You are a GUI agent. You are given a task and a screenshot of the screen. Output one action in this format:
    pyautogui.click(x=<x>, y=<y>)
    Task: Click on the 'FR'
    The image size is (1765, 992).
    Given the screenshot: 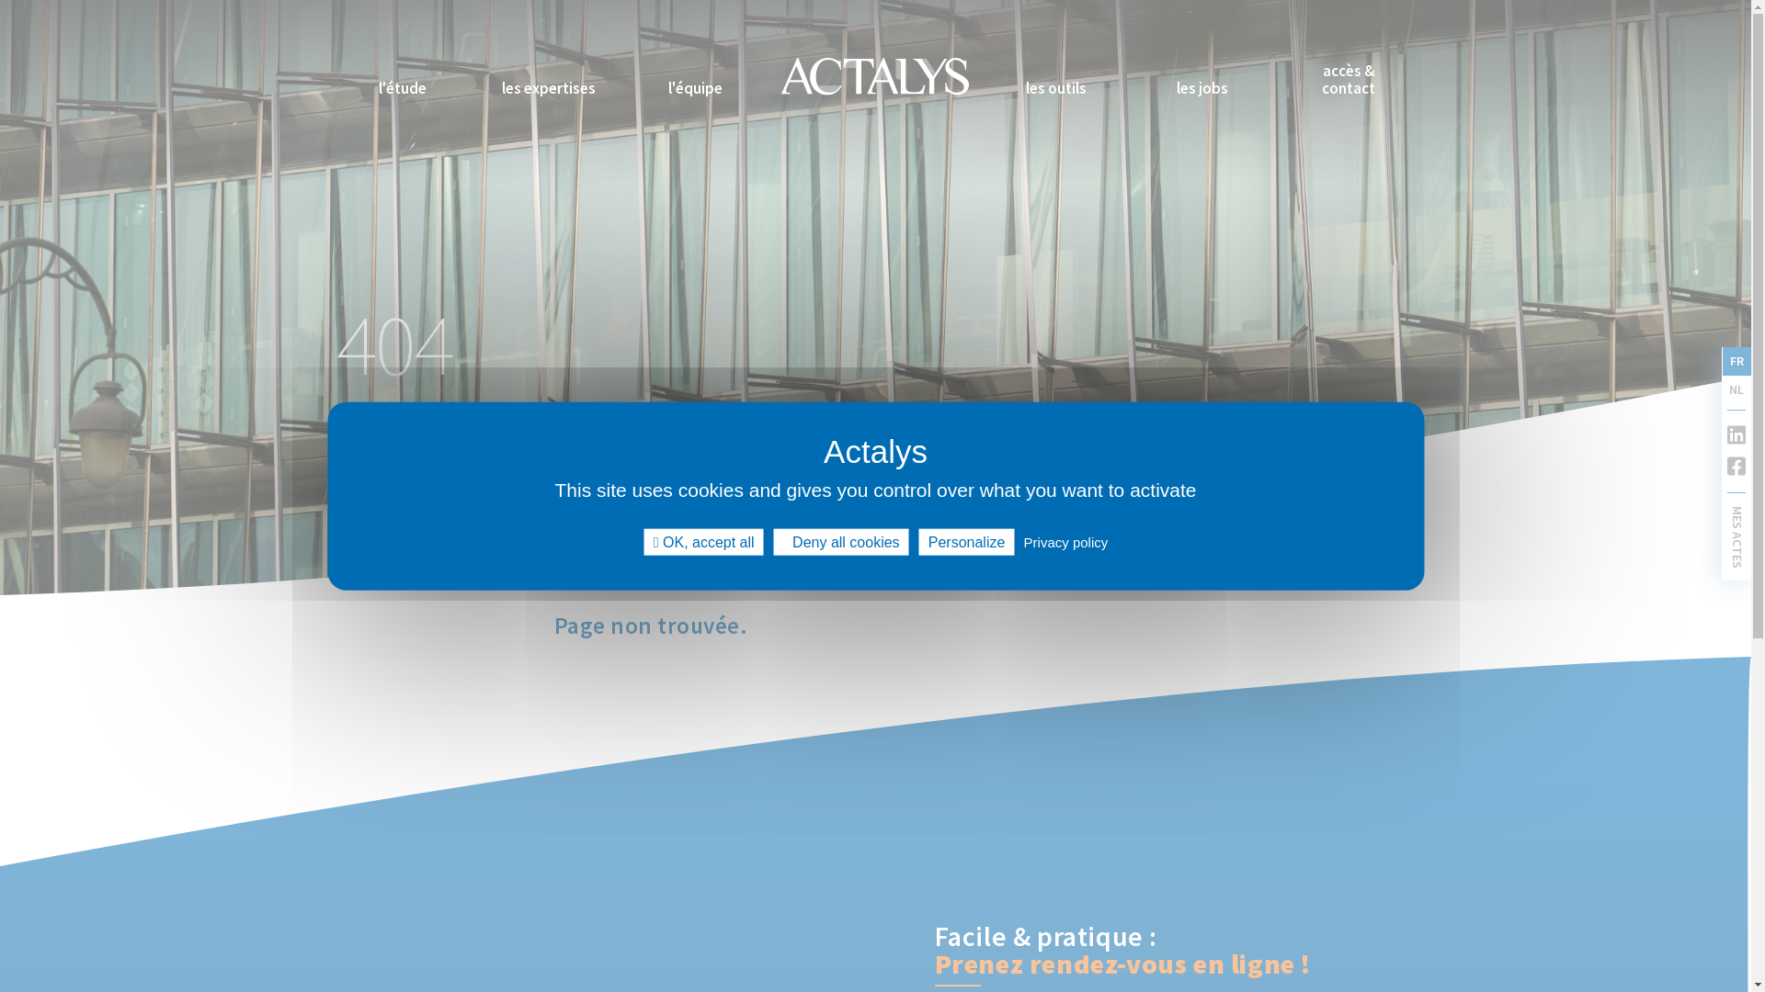 What is the action you would take?
    pyautogui.click(x=1736, y=361)
    